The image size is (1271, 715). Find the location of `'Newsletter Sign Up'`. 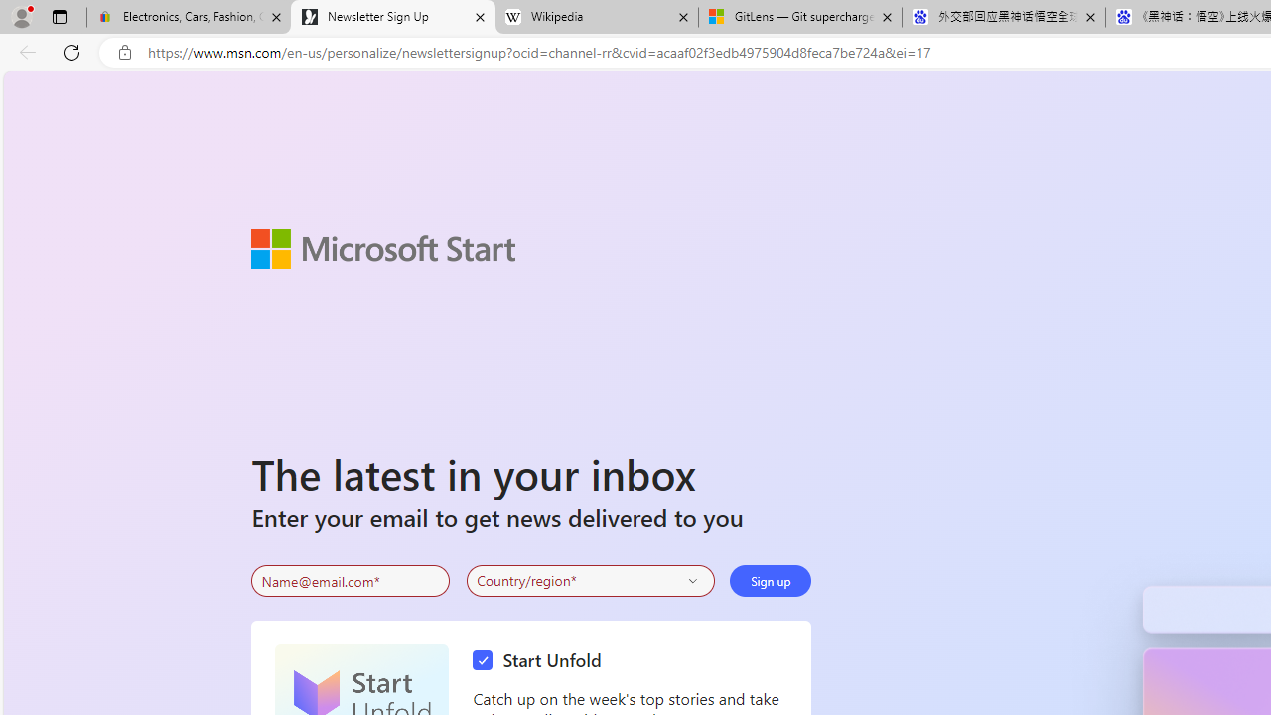

'Newsletter Sign Up' is located at coordinates (393, 17).